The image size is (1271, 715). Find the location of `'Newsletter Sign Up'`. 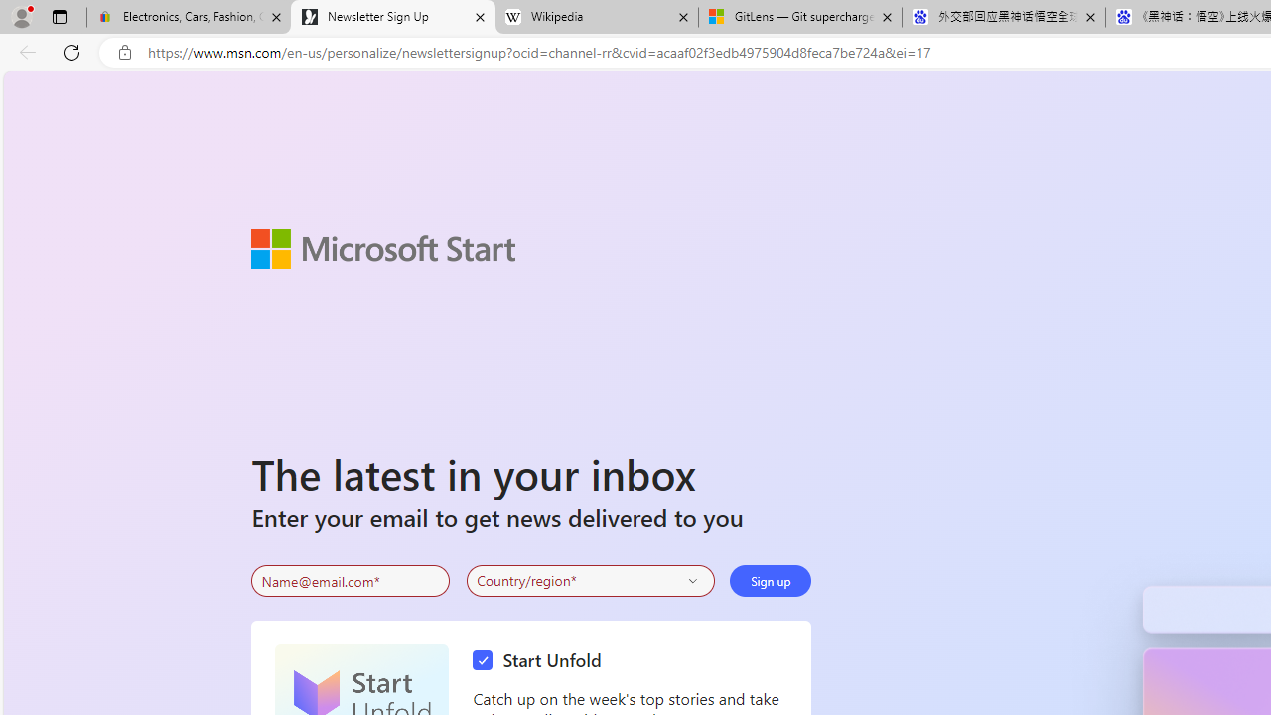

'Newsletter Sign Up' is located at coordinates (393, 17).